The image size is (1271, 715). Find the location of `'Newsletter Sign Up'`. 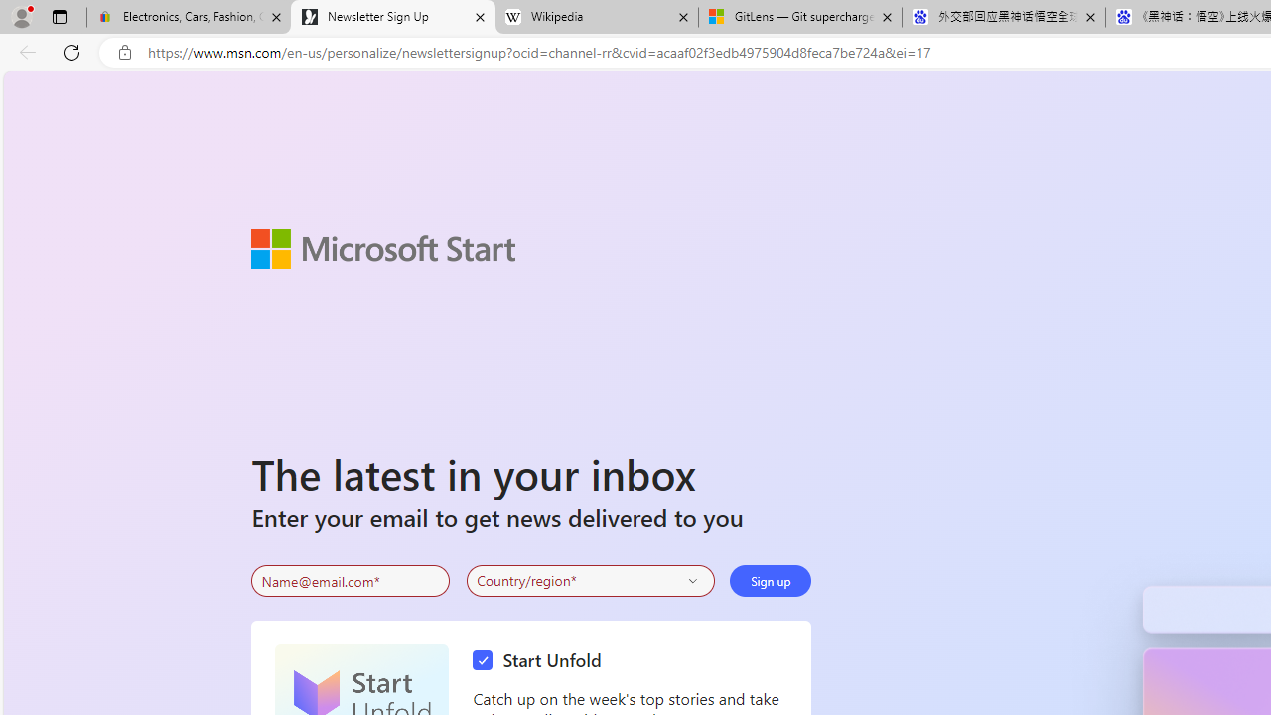

'Newsletter Sign Up' is located at coordinates (393, 17).